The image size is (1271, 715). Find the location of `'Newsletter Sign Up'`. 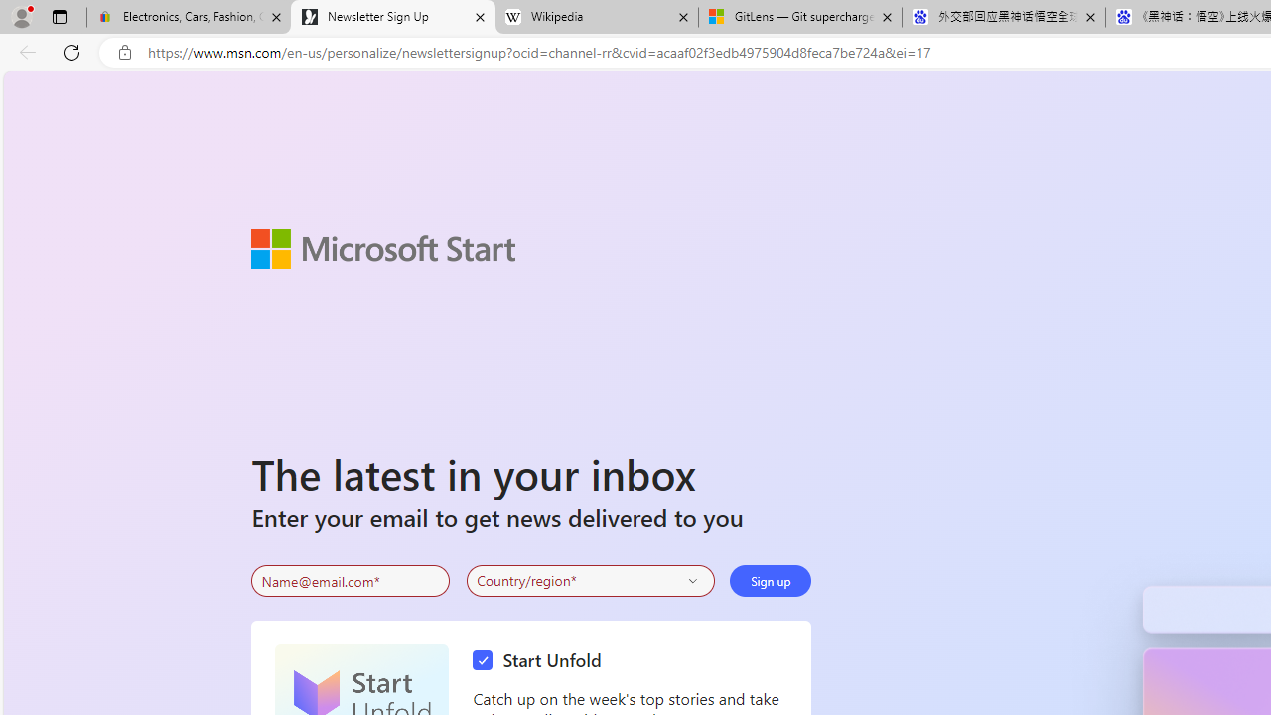

'Newsletter Sign Up' is located at coordinates (393, 17).